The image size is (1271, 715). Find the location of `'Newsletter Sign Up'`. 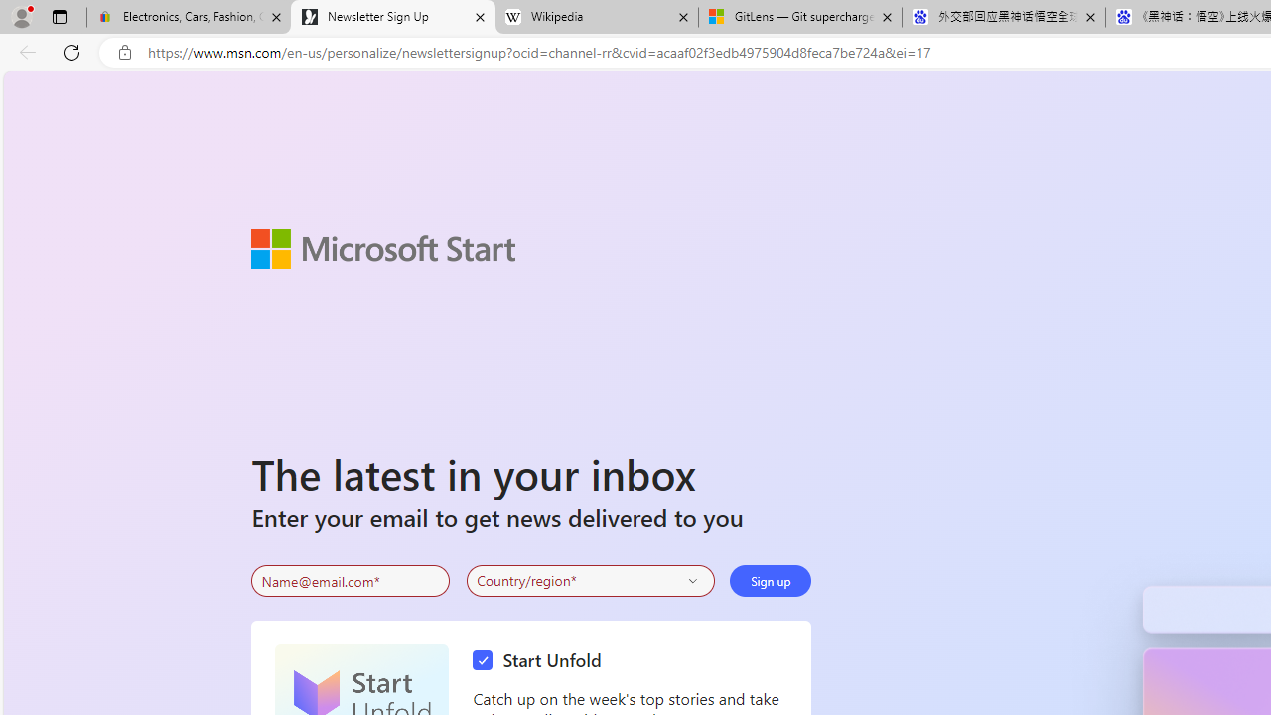

'Newsletter Sign Up' is located at coordinates (393, 17).